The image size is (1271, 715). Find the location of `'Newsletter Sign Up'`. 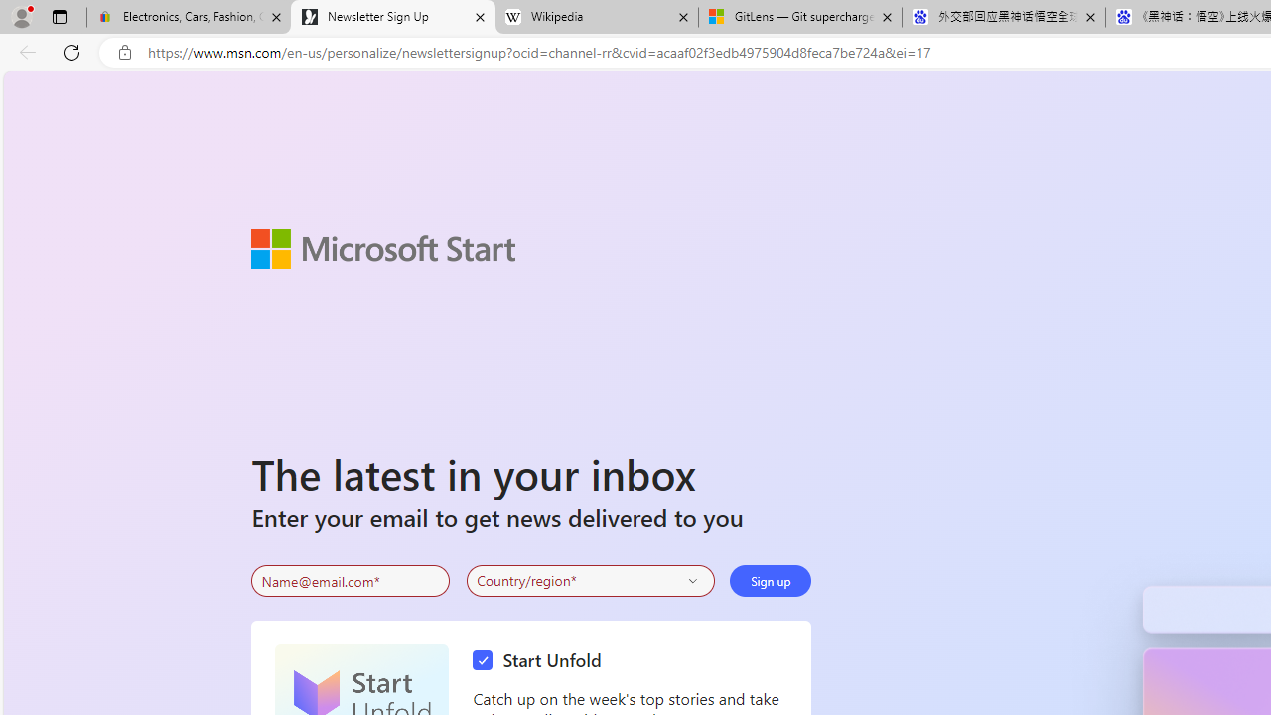

'Newsletter Sign Up' is located at coordinates (393, 17).